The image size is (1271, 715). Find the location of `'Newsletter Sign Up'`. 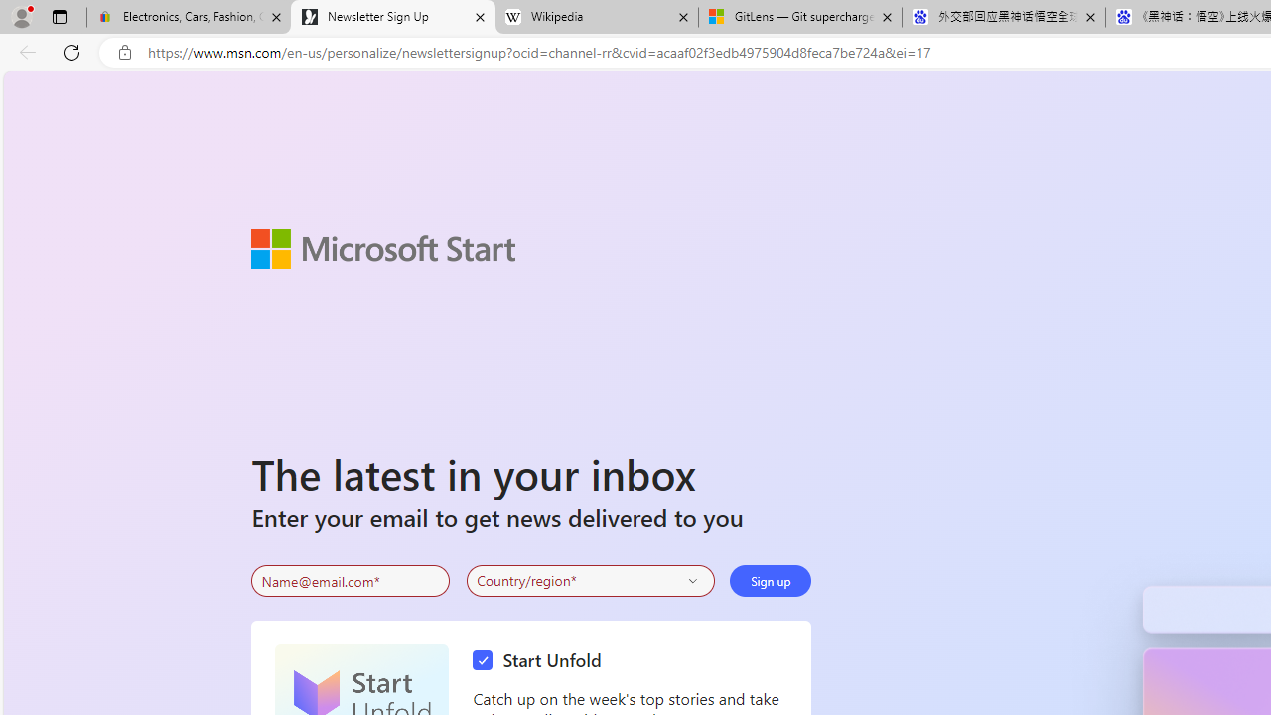

'Newsletter Sign Up' is located at coordinates (393, 17).